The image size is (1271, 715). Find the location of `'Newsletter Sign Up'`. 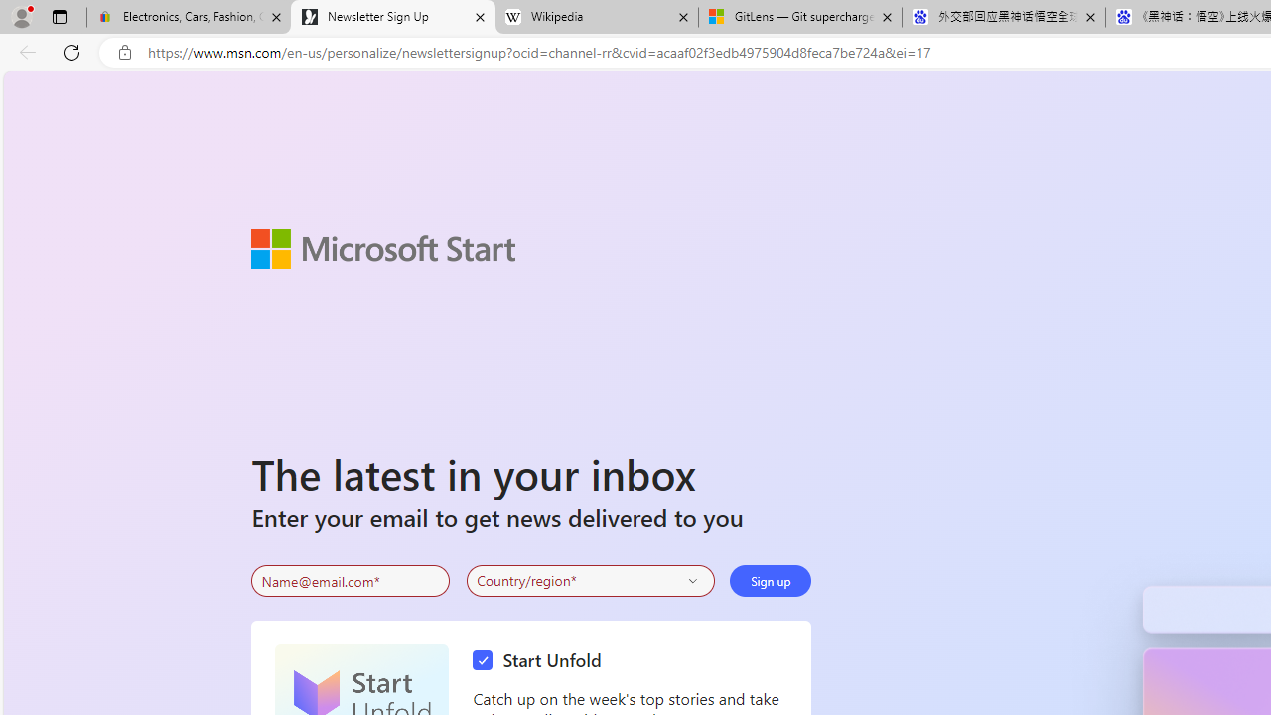

'Newsletter Sign Up' is located at coordinates (393, 17).